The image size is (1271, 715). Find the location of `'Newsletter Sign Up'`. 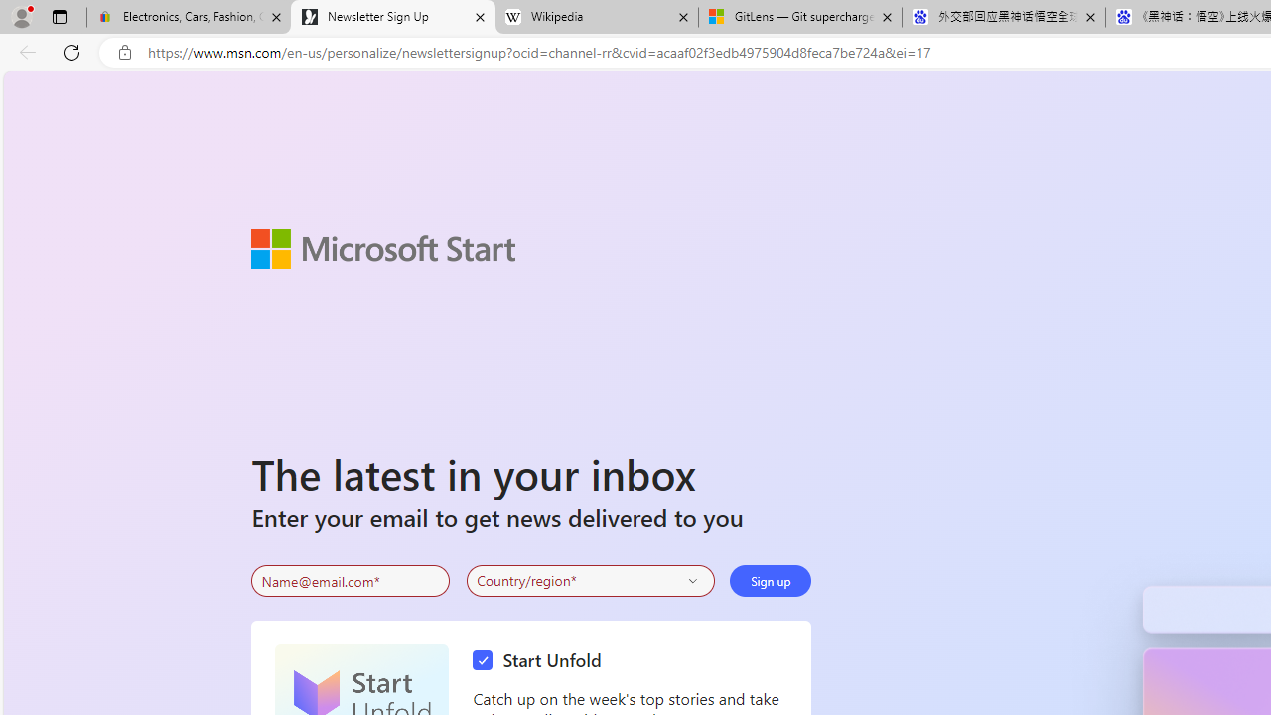

'Newsletter Sign Up' is located at coordinates (393, 17).